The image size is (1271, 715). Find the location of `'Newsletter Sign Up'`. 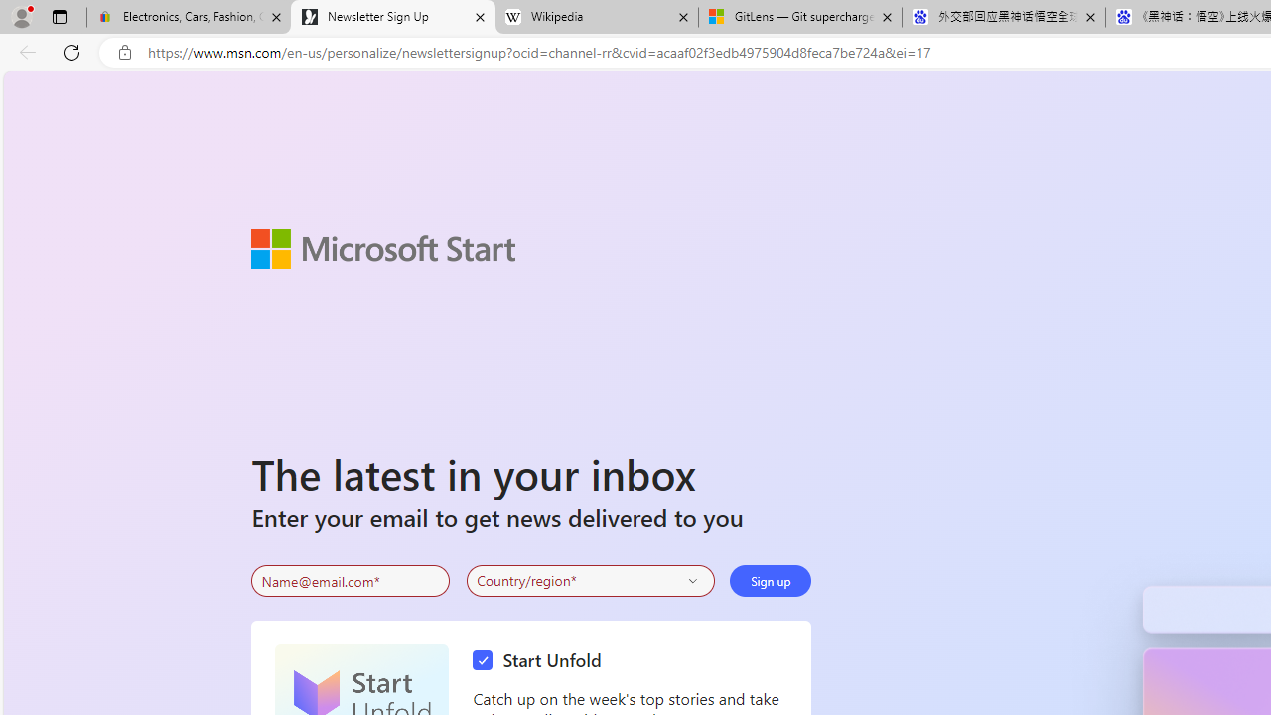

'Newsletter Sign Up' is located at coordinates (393, 17).